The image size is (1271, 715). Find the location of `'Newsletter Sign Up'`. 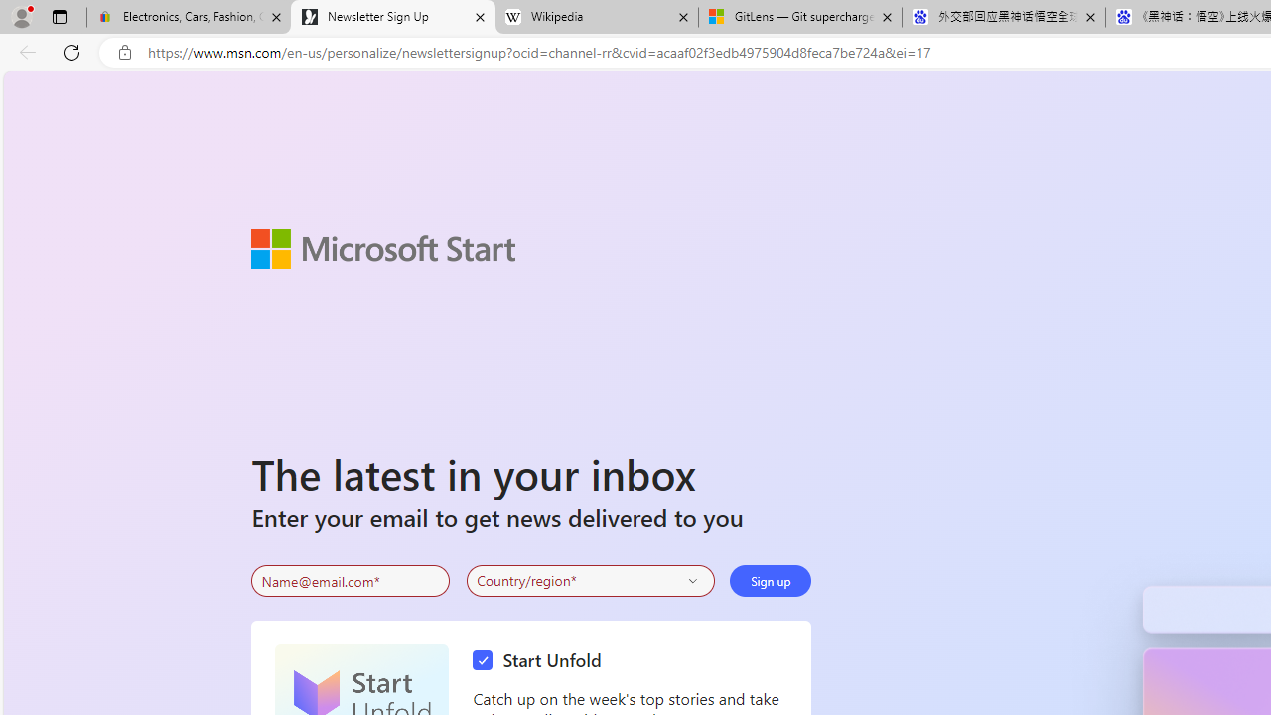

'Newsletter Sign Up' is located at coordinates (393, 17).